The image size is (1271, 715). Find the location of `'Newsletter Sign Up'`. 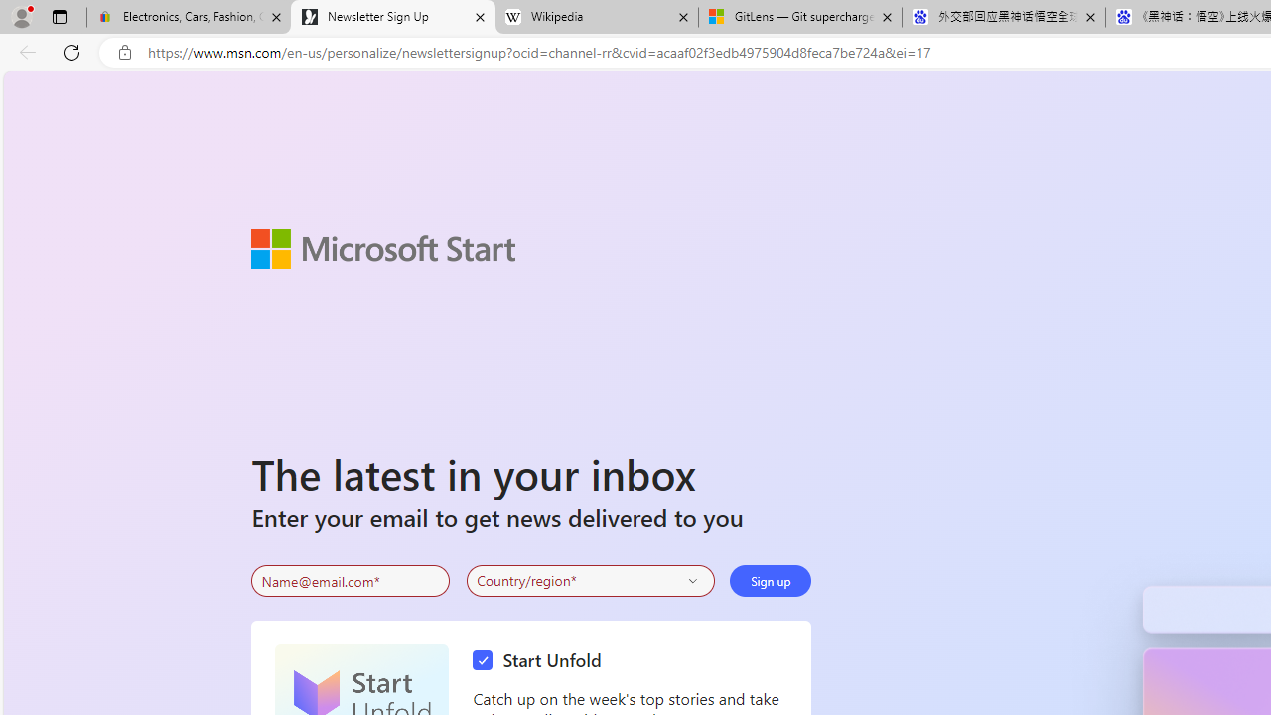

'Newsletter Sign Up' is located at coordinates (393, 17).